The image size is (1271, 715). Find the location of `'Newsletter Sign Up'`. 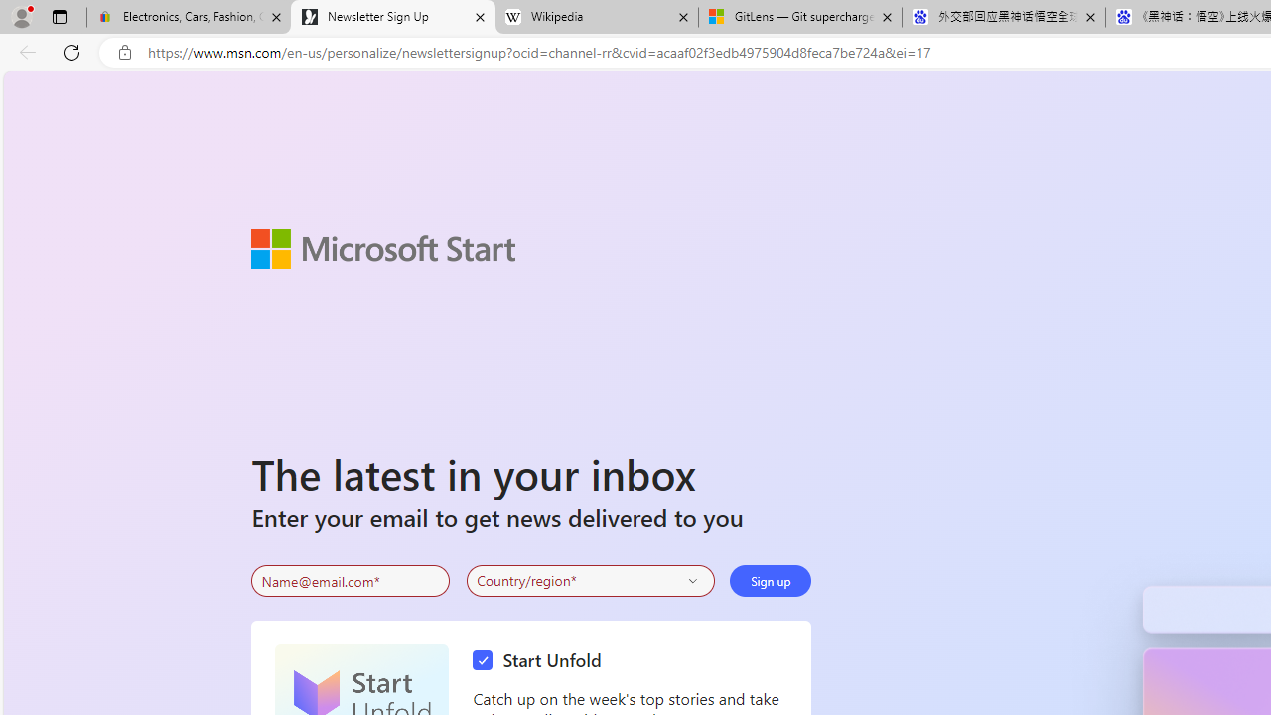

'Newsletter Sign Up' is located at coordinates (393, 17).